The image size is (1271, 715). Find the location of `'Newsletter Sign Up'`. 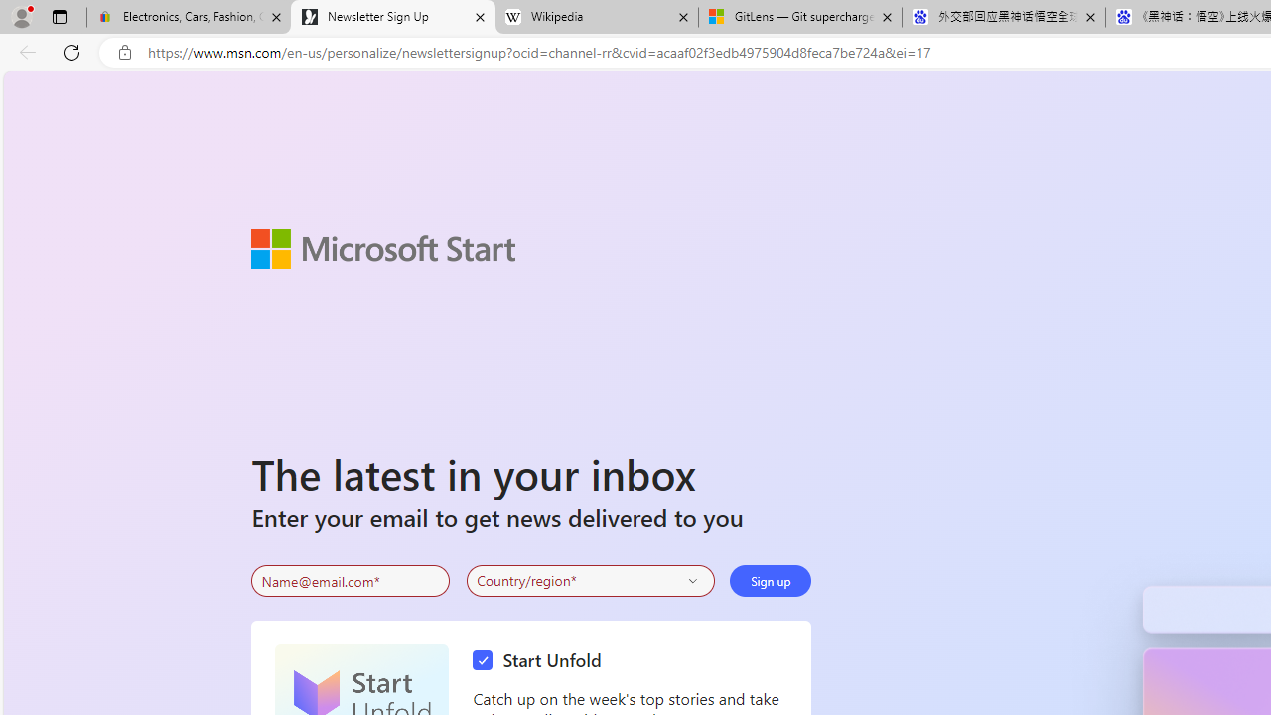

'Newsletter Sign Up' is located at coordinates (393, 17).